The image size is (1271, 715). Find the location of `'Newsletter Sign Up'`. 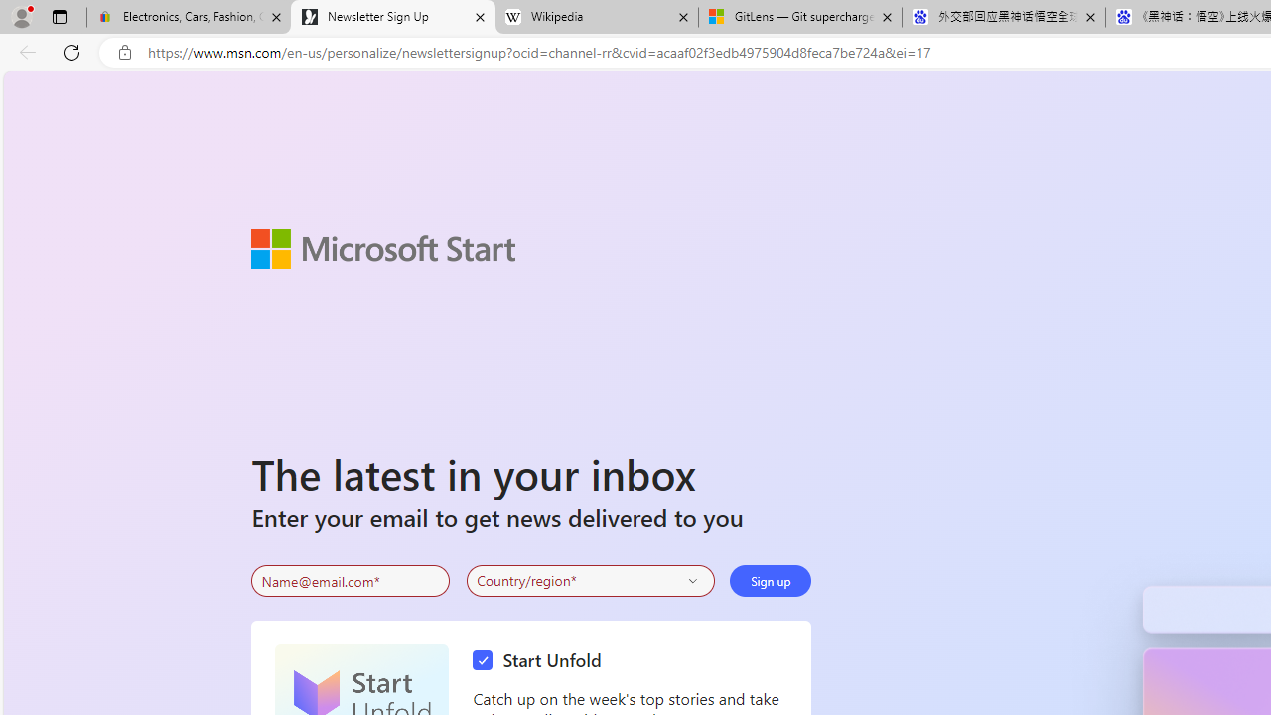

'Newsletter Sign Up' is located at coordinates (393, 17).